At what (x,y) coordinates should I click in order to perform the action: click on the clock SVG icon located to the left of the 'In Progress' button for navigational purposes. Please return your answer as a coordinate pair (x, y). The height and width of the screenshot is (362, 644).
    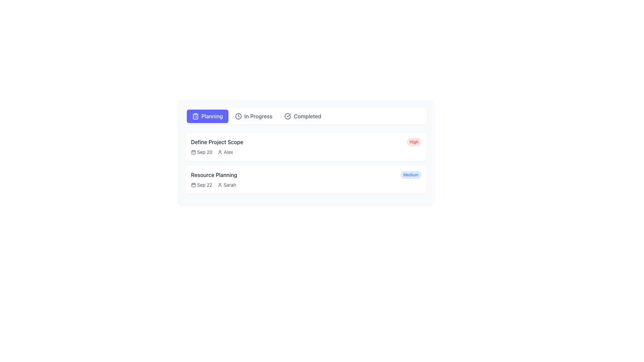
    Looking at the image, I should click on (238, 116).